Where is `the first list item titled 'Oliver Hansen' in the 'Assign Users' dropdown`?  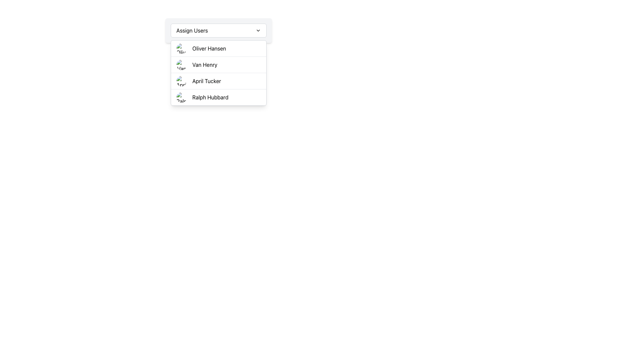 the first list item titled 'Oliver Hansen' in the 'Assign Users' dropdown is located at coordinates (219, 48).